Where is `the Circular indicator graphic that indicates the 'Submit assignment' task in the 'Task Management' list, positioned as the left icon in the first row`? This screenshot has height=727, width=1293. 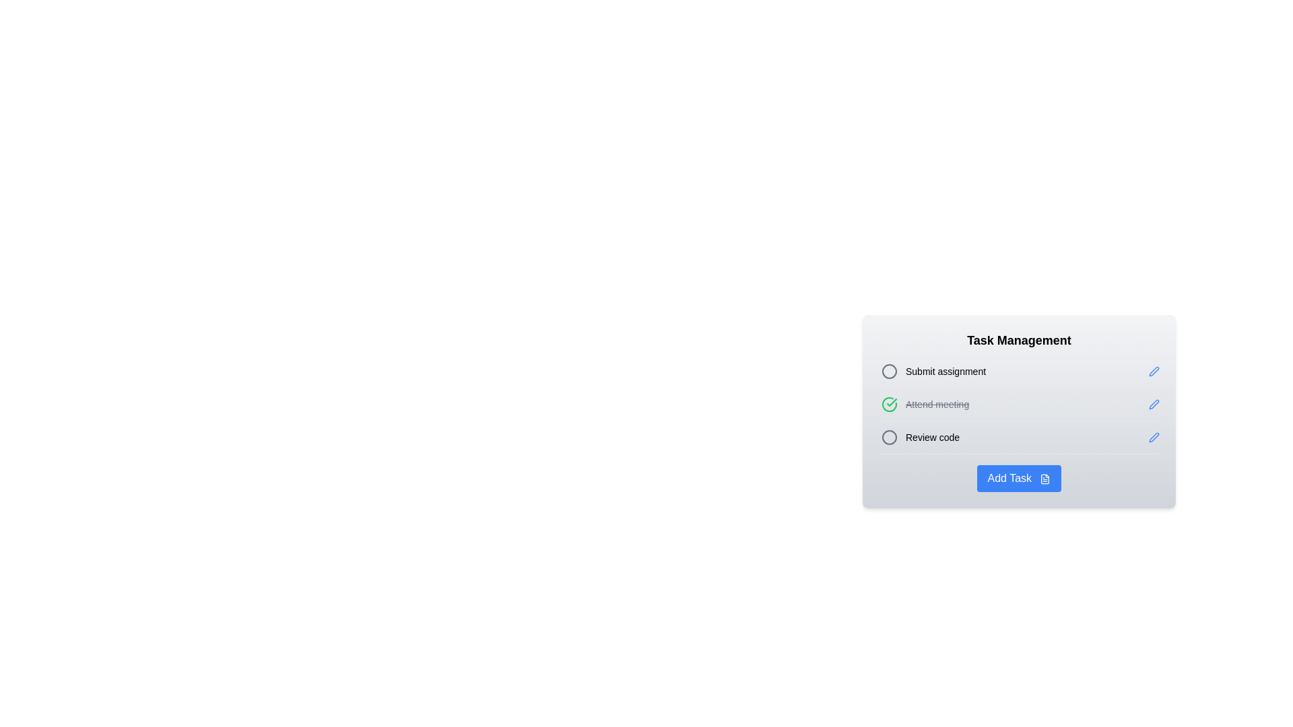
the Circular indicator graphic that indicates the 'Submit assignment' task in the 'Task Management' list, positioned as the left icon in the first row is located at coordinates (889, 371).